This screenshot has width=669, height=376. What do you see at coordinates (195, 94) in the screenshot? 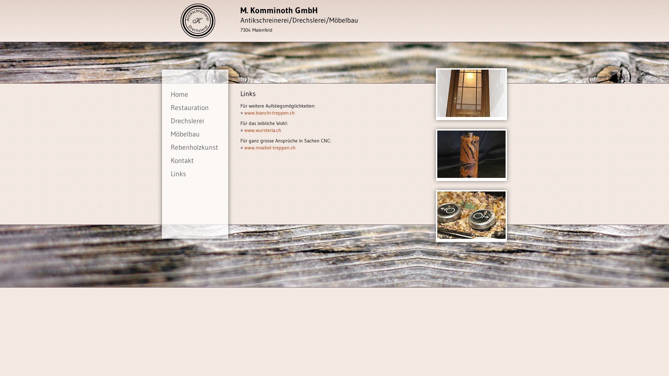
I see `'Home'` at bounding box center [195, 94].